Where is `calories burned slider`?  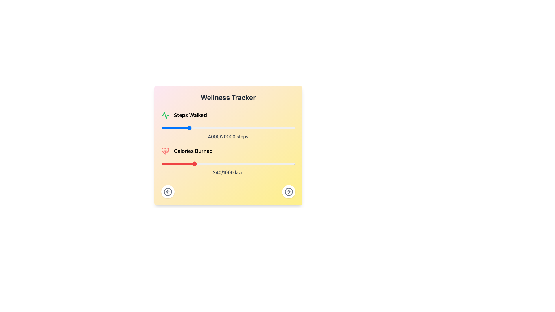 calories burned slider is located at coordinates (195, 164).